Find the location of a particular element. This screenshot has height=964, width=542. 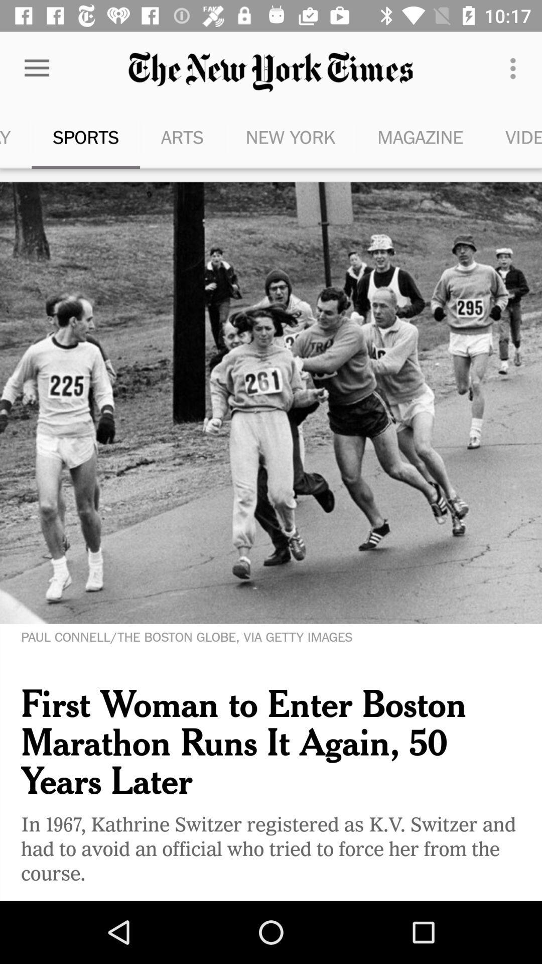

icon to the right of the sports item is located at coordinates (182, 137).